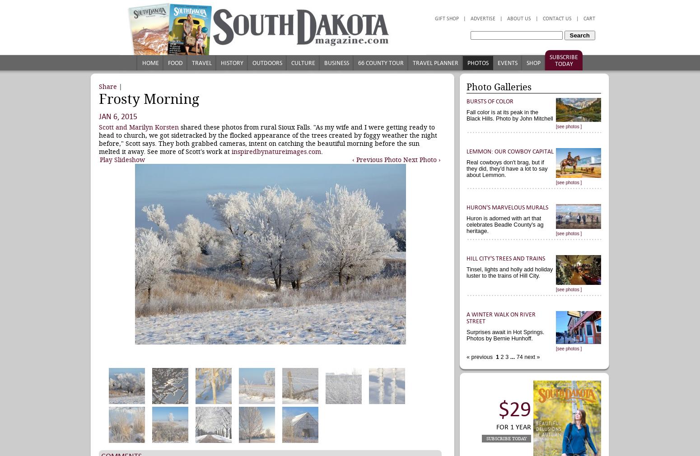 This screenshot has width=700, height=456. What do you see at coordinates (98, 86) in the screenshot?
I see `'Share'` at bounding box center [98, 86].